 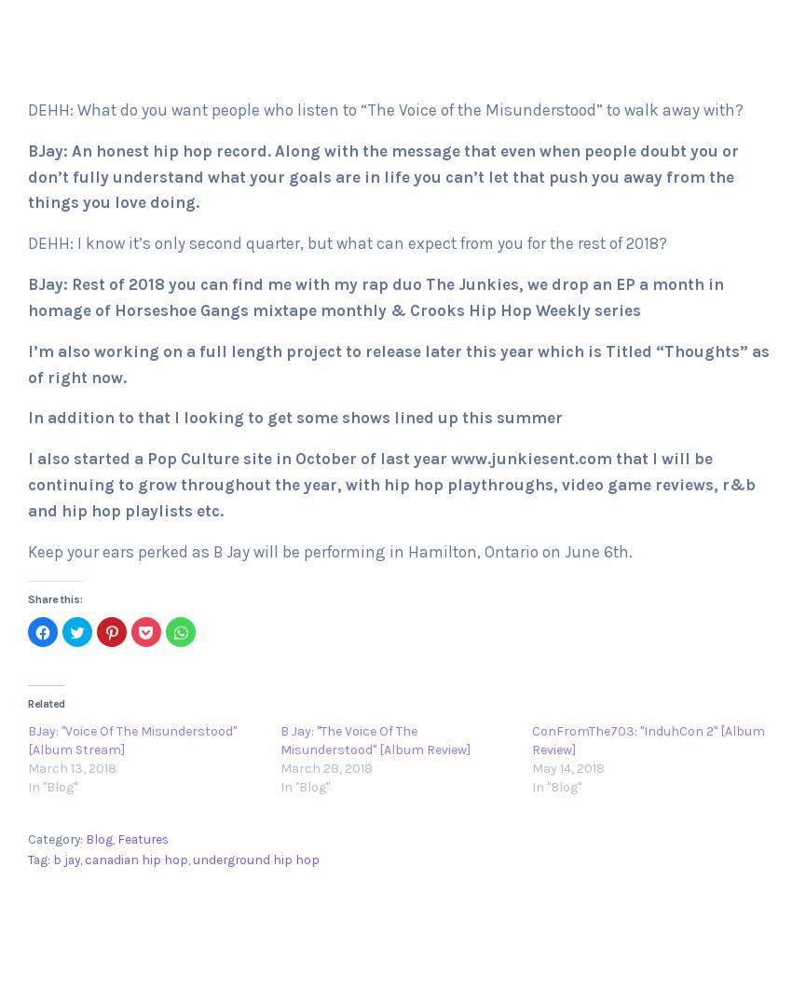 What do you see at coordinates (391, 483) in the screenshot?
I see `'I also started a Pop Culture site in October of last year www.junkiesent.com that I will be continuing to grow throughout the year, with hip hop playthroughs, video game reviews, r&b and hip hop playlists etc.'` at bounding box center [391, 483].